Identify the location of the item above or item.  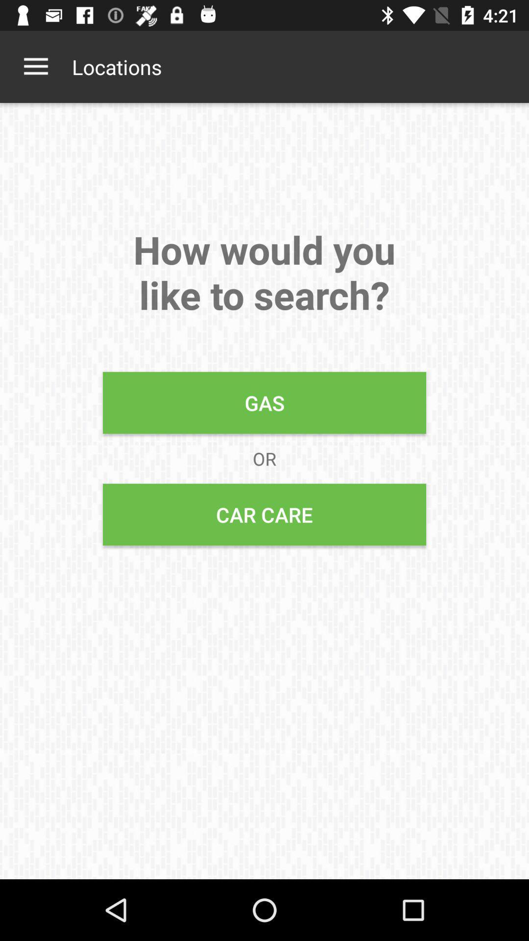
(264, 402).